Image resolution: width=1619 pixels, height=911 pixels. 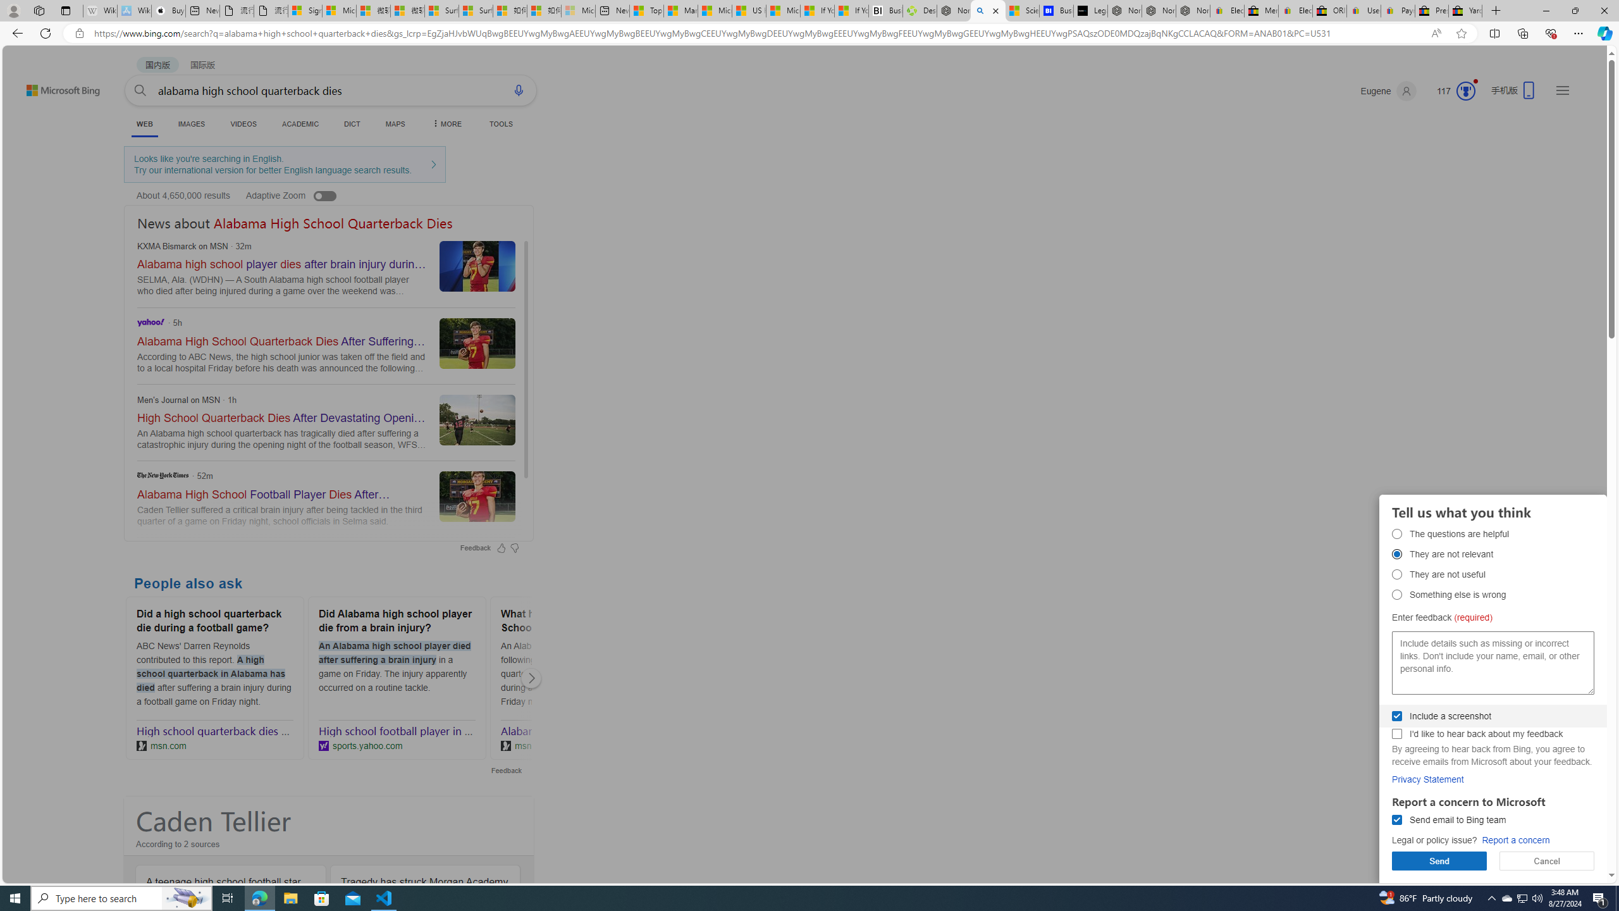 What do you see at coordinates (1397, 574) in the screenshot?
I see `'They are not useful They are not useful'` at bounding box center [1397, 574].